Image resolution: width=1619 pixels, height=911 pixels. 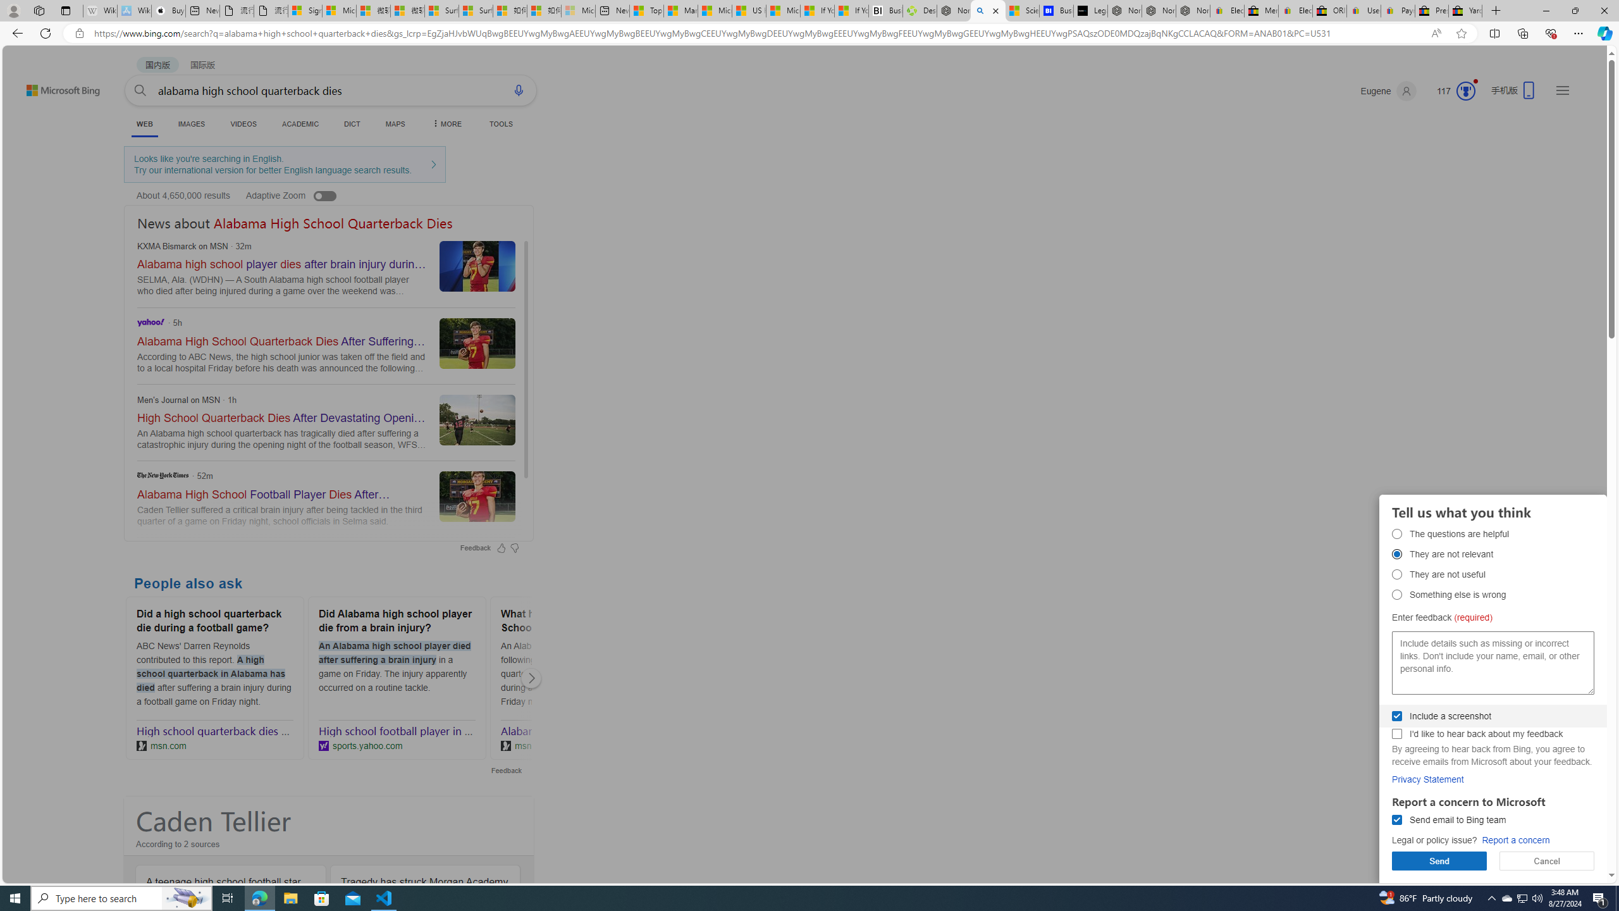 What do you see at coordinates (1397, 574) in the screenshot?
I see `'They are not useful They are not useful'` at bounding box center [1397, 574].